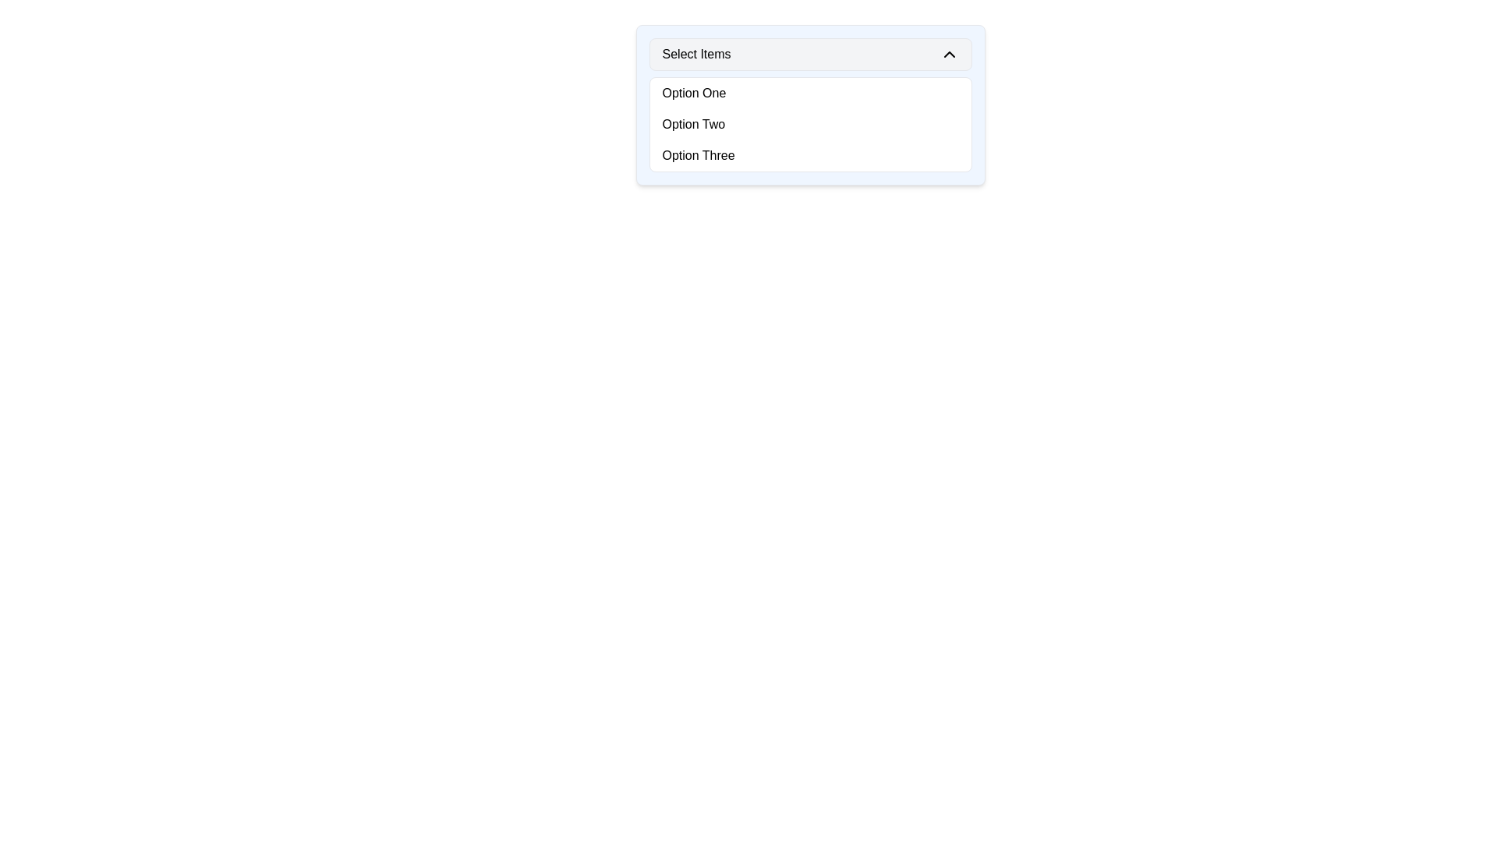  Describe the element at coordinates (810, 123) in the screenshot. I see `the option in the dropdown menu` at that location.